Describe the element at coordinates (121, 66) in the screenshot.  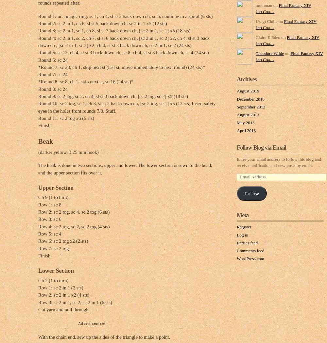
I see `'*Round 7: sc 23, ch 1, skip next st (last st, move immediately to next round) (24 sts)*'` at that location.